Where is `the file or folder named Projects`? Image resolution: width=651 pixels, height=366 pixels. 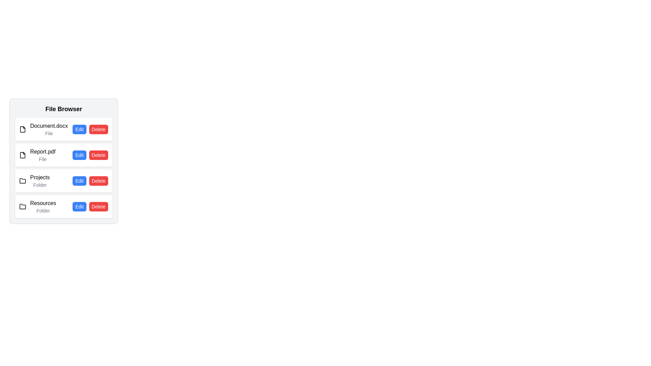 the file or folder named Projects is located at coordinates (63, 180).